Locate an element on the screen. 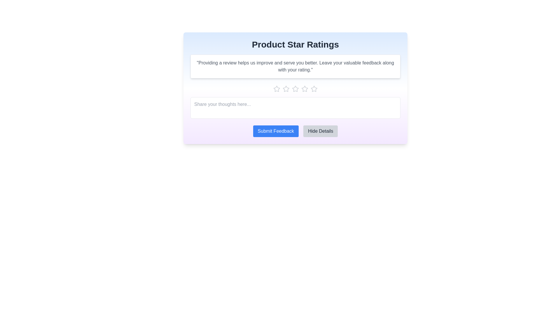 This screenshot has width=560, height=315. the star corresponding to 5 to set the rating is located at coordinates (314, 89).